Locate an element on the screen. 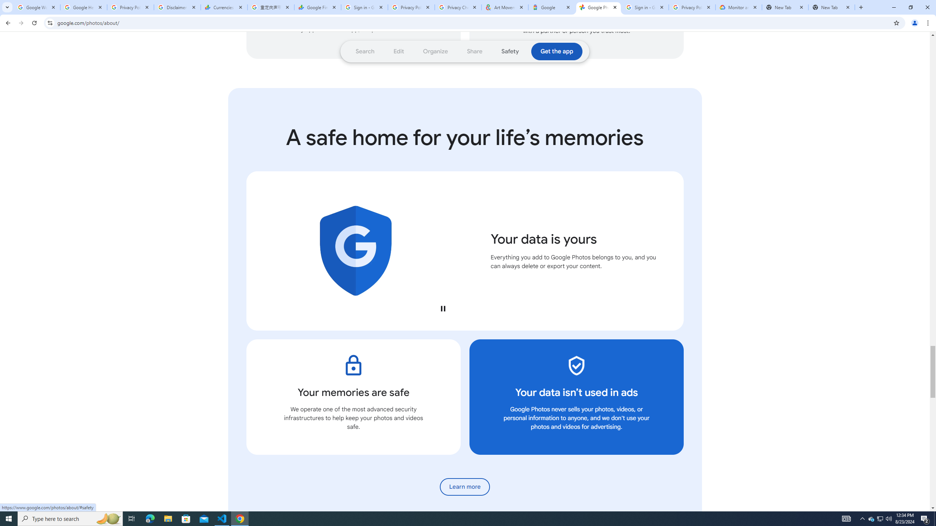 Image resolution: width=936 pixels, height=526 pixels. 'New Tab' is located at coordinates (785, 7).